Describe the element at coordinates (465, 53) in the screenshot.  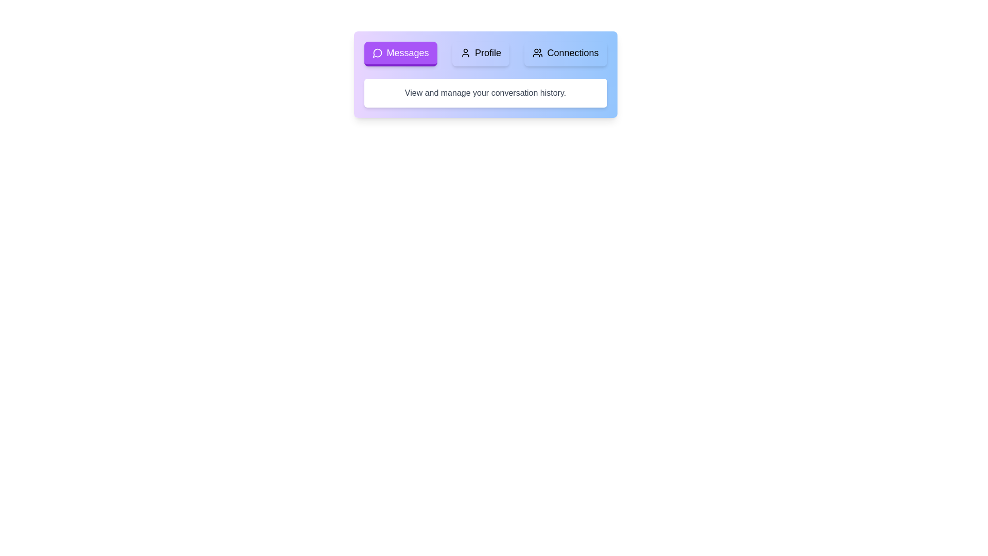
I see `the user icon SVG graphic located within the 'Profile' button in the top navigation bar` at that location.